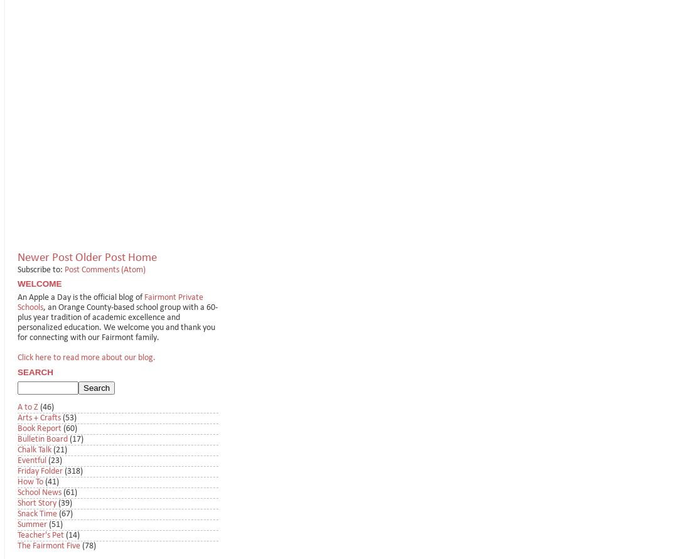 Image resolution: width=689 pixels, height=559 pixels. I want to click on '(14)', so click(72, 535).